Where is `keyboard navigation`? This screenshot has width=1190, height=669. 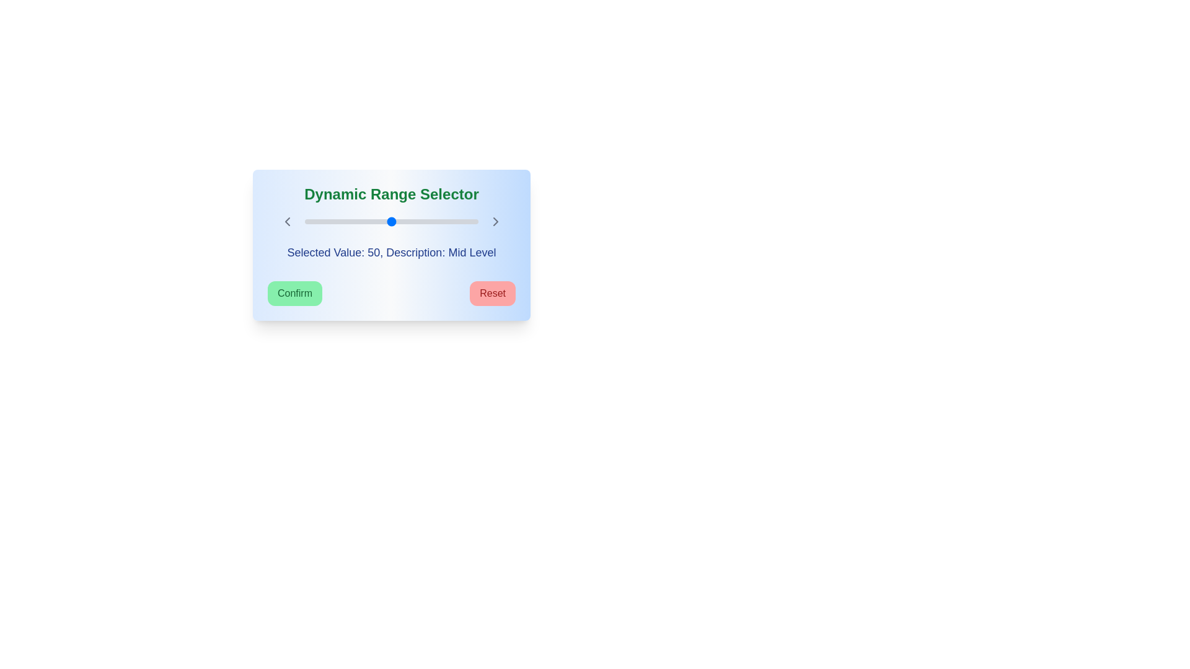 keyboard navigation is located at coordinates (294, 294).